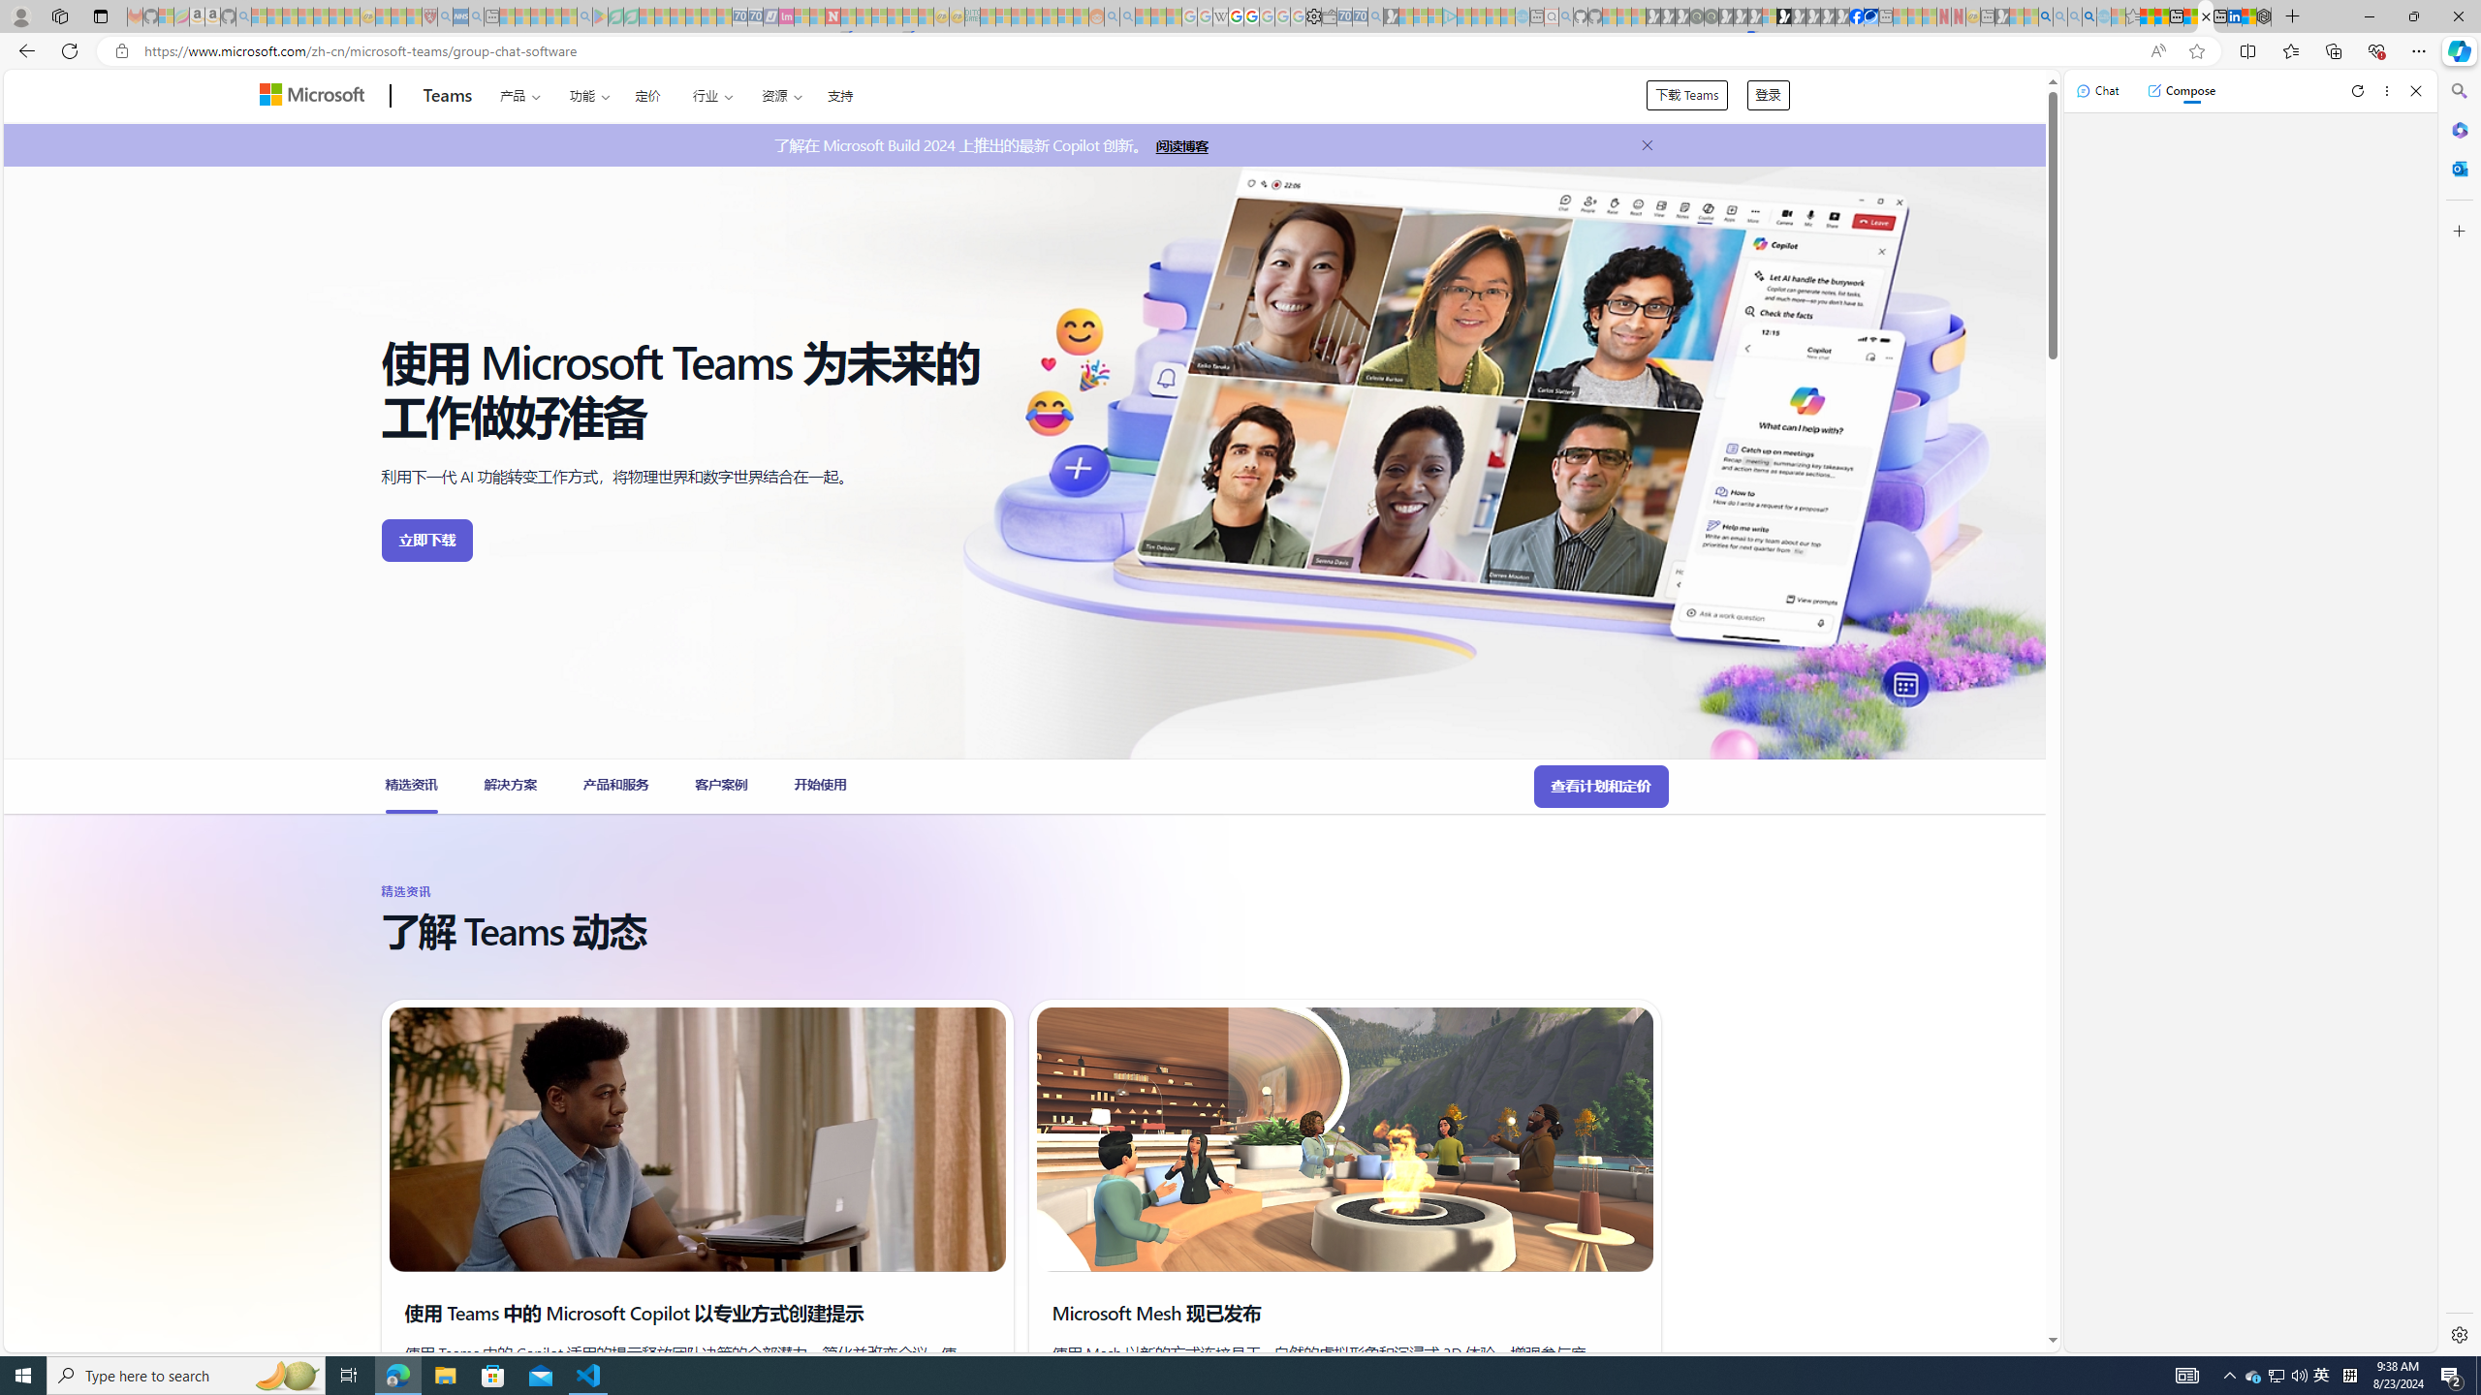 Image resolution: width=2481 pixels, height=1395 pixels. Describe the element at coordinates (1051, 15) in the screenshot. I see `'Kinda Frugal - MSN - Sleeping'` at that location.